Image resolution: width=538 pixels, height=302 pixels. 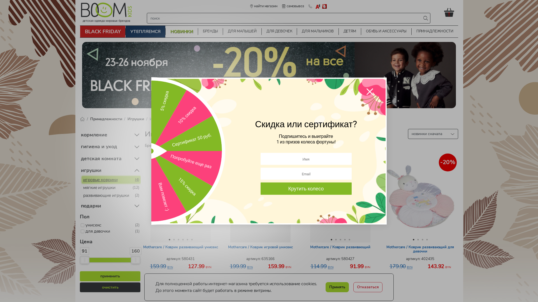 What do you see at coordinates (80, 31) in the screenshot?
I see `'BLACK FRIDAY'` at bounding box center [80, 31].